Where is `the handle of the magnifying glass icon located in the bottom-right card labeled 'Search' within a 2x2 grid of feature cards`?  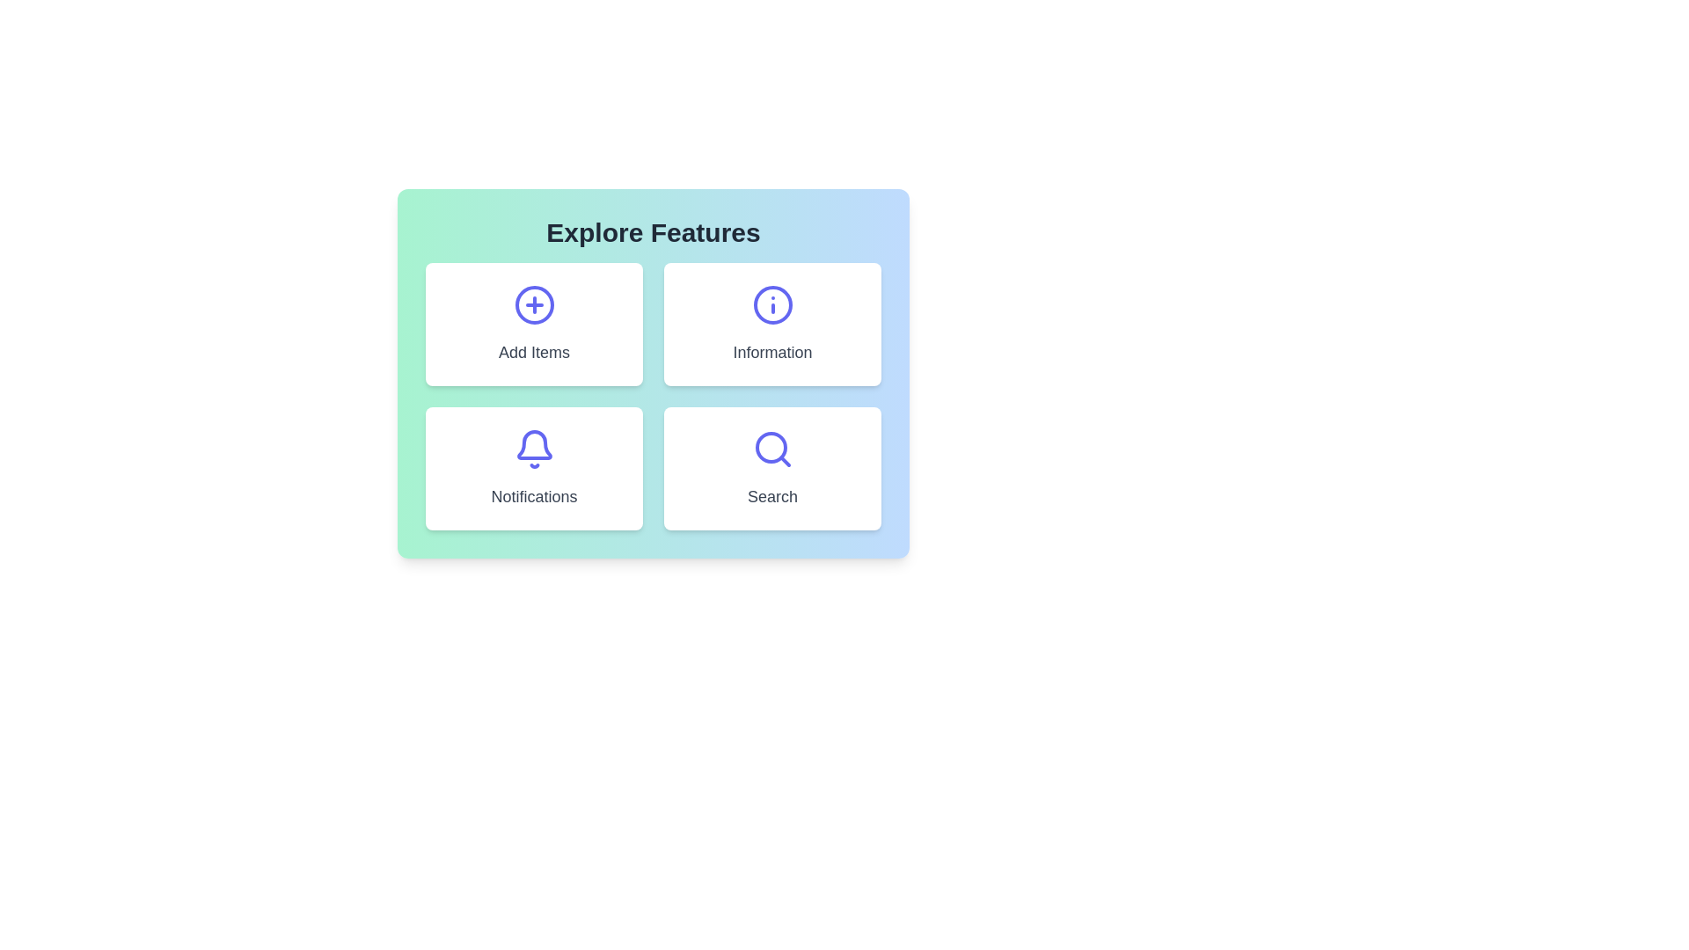 the handle of the magnifying glass icon located in the bottom-right card labeled 'Search' within a 2x2 grid of feature cards is located at coordinates (784, 460).